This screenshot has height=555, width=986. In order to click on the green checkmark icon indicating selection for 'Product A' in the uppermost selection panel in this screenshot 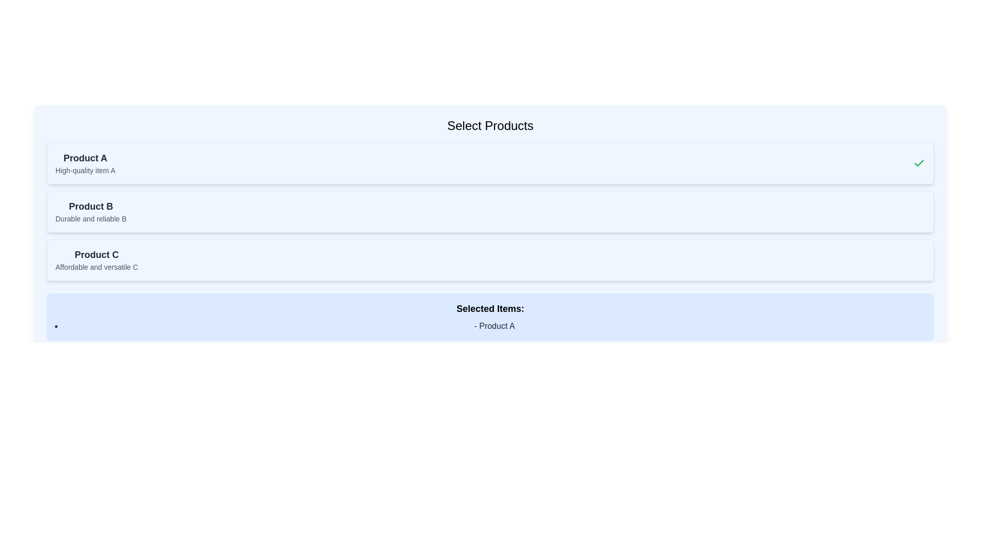, I will do `click(919, 162)`.